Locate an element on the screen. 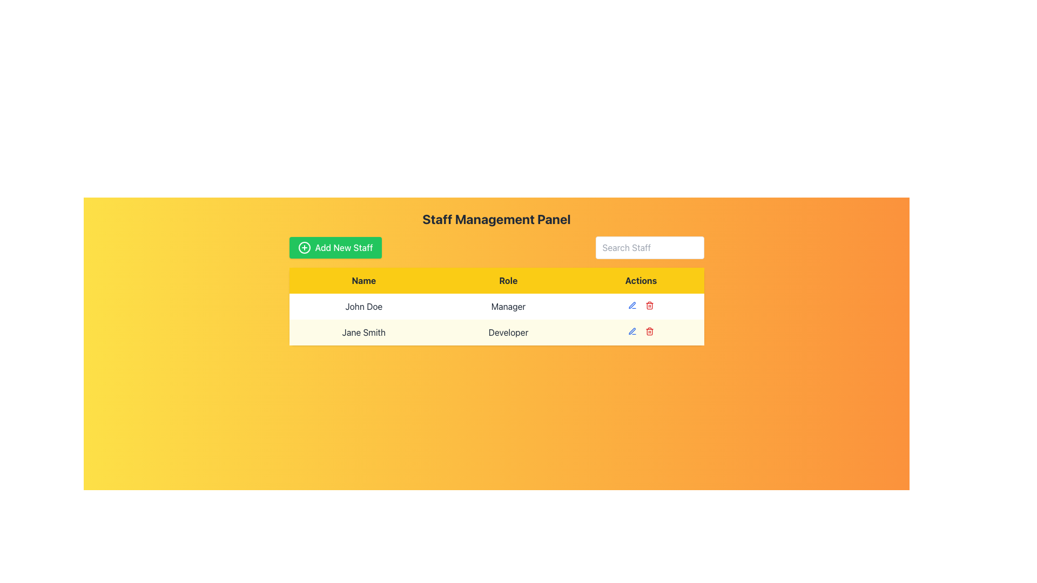  the 'Manager' text label in the 'Role' column, which is aligned with 'John Doe' in the 'Name' column is located at coordinates (496, 306).